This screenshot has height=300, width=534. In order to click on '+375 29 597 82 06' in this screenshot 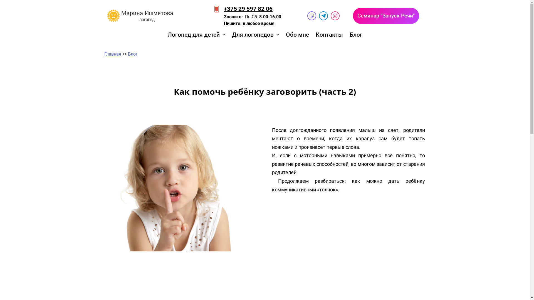, I will do `click(248, 9)`.